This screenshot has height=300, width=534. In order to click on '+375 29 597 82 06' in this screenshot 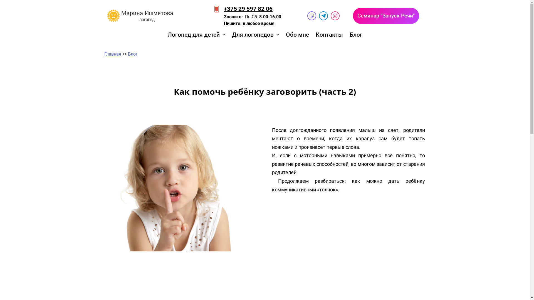, I will do `click(248, 9)`.